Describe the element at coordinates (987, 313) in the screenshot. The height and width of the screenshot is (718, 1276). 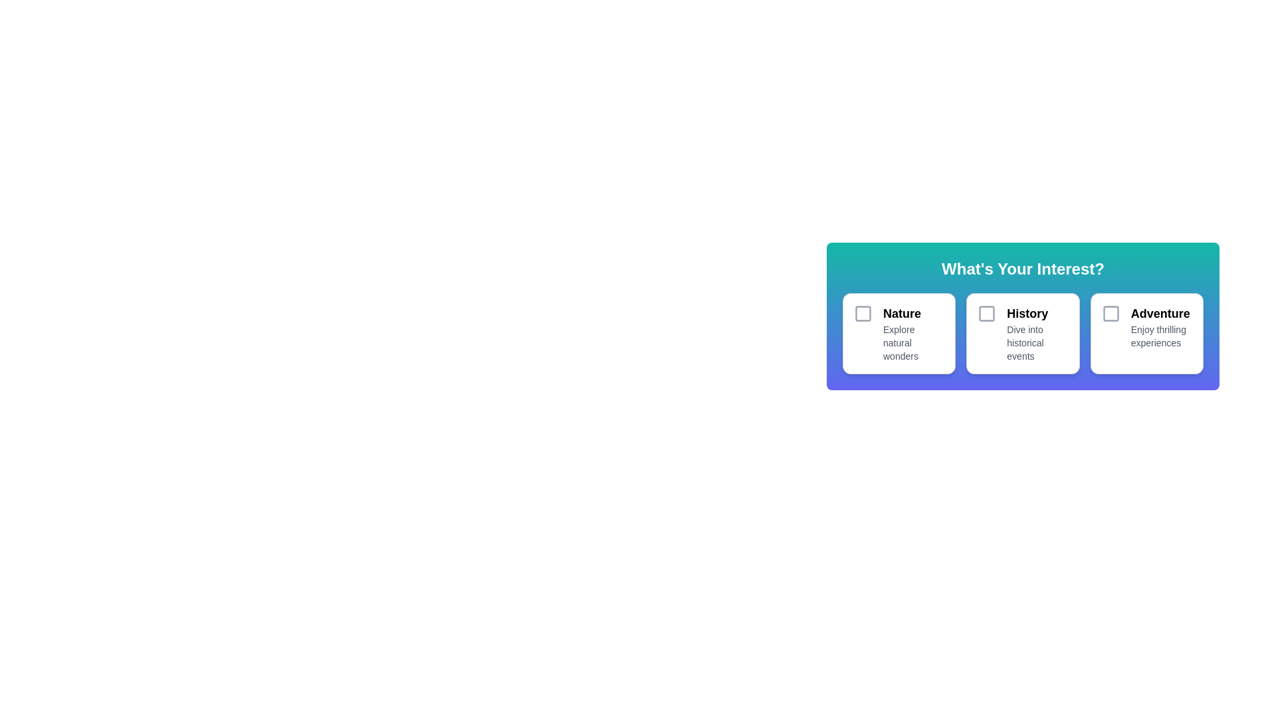
I see `the 'History' checkbox` at that location.